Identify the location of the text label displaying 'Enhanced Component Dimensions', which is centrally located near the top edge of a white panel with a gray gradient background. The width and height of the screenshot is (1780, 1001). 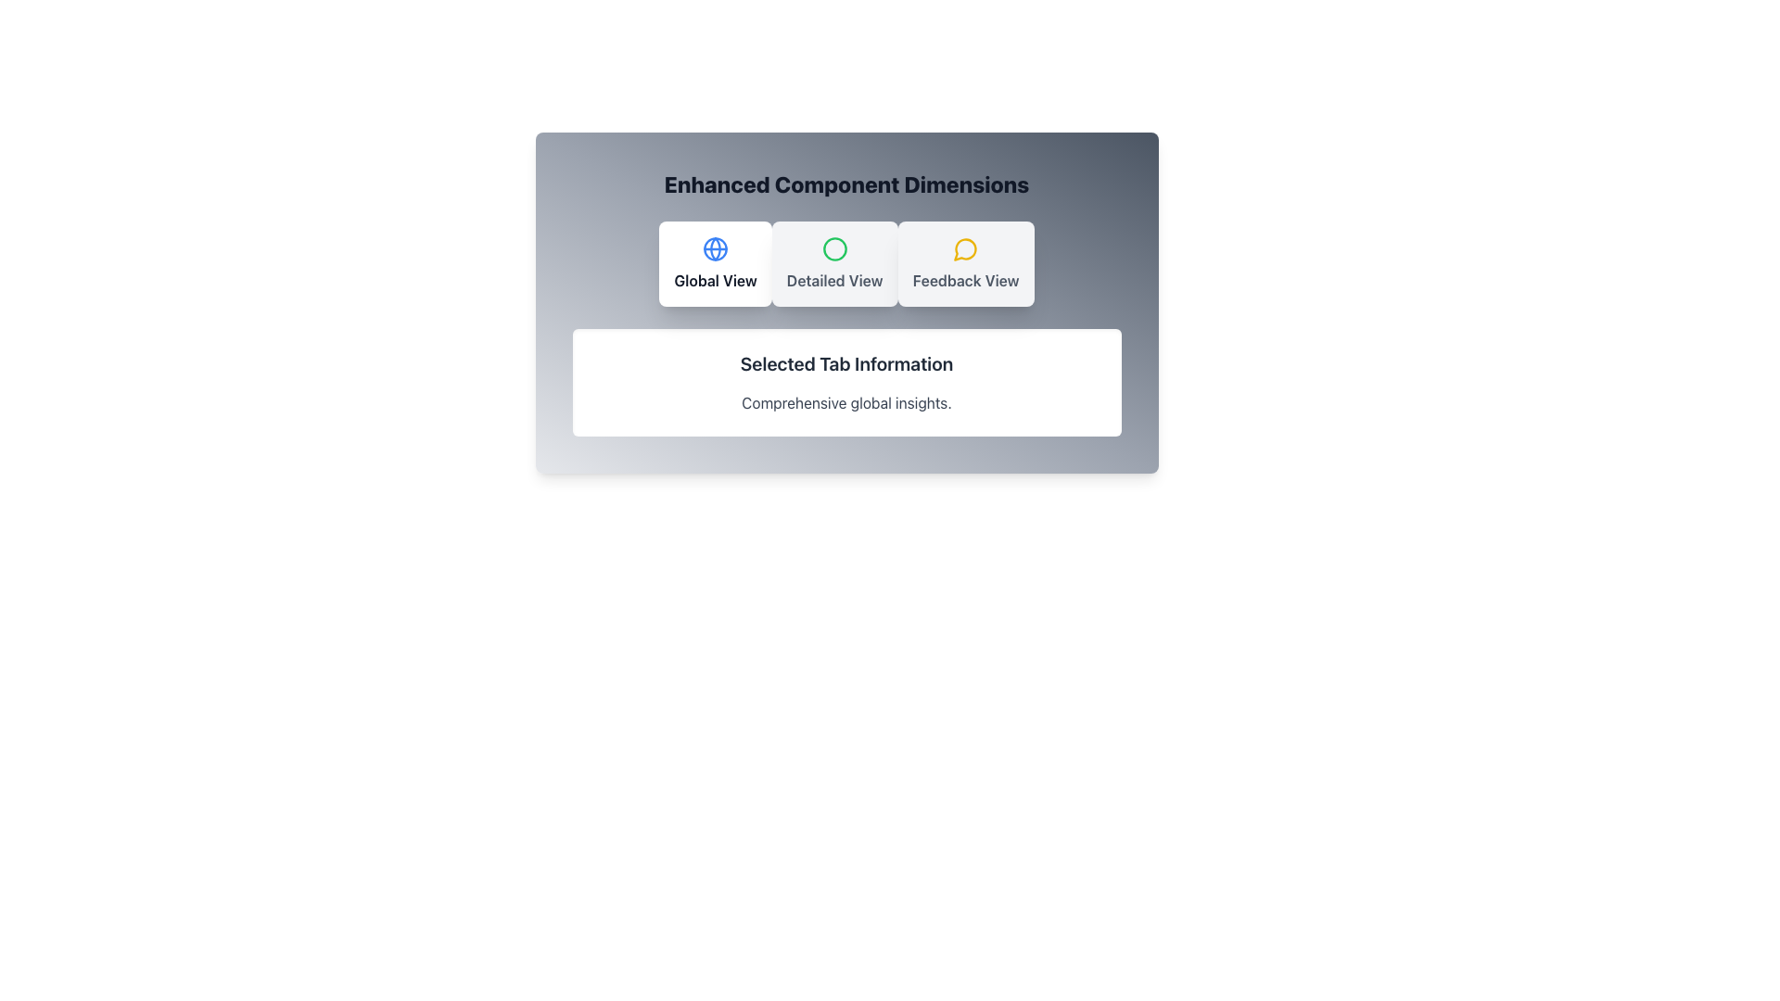
(845, 184).